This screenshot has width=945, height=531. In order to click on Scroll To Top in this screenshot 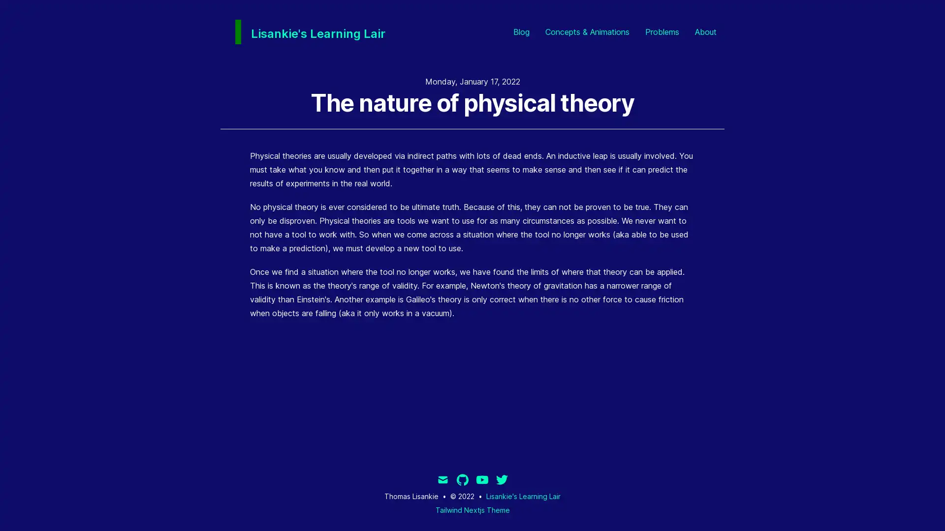, I will do `click(920, 506)`.